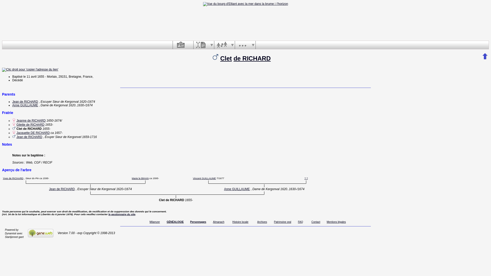 The width and height of the screenshot is (491, 276). Describe the element at coordinates (13, 178) in the screenshot. I see `'Yves de RICHARD'` at that location.